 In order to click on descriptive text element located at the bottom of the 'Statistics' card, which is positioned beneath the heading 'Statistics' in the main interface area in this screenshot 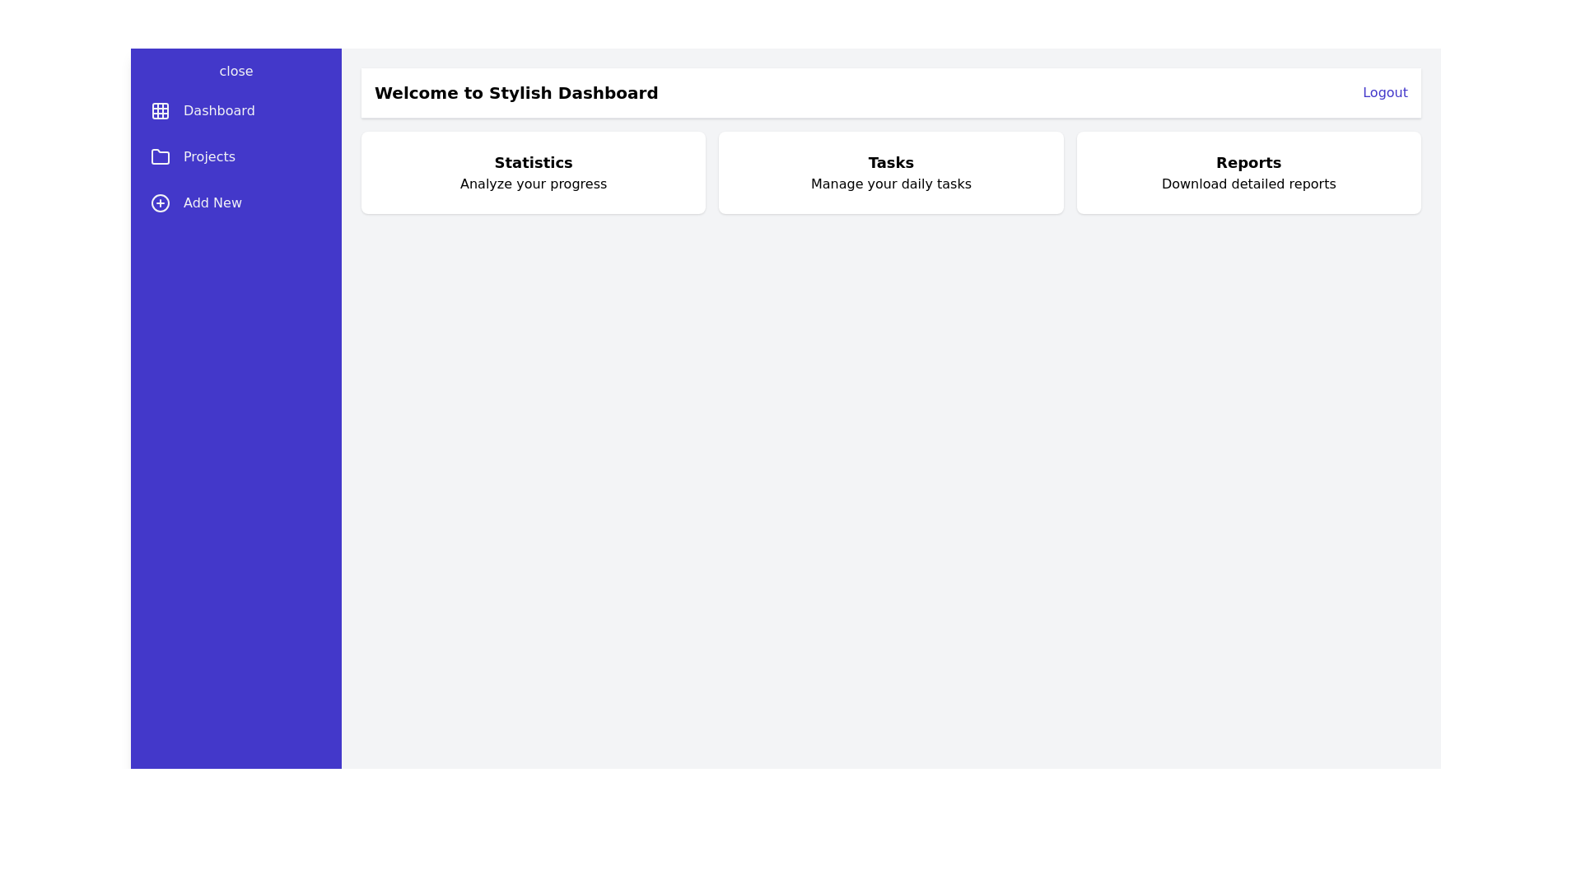, I will do `click(534, 184)`.